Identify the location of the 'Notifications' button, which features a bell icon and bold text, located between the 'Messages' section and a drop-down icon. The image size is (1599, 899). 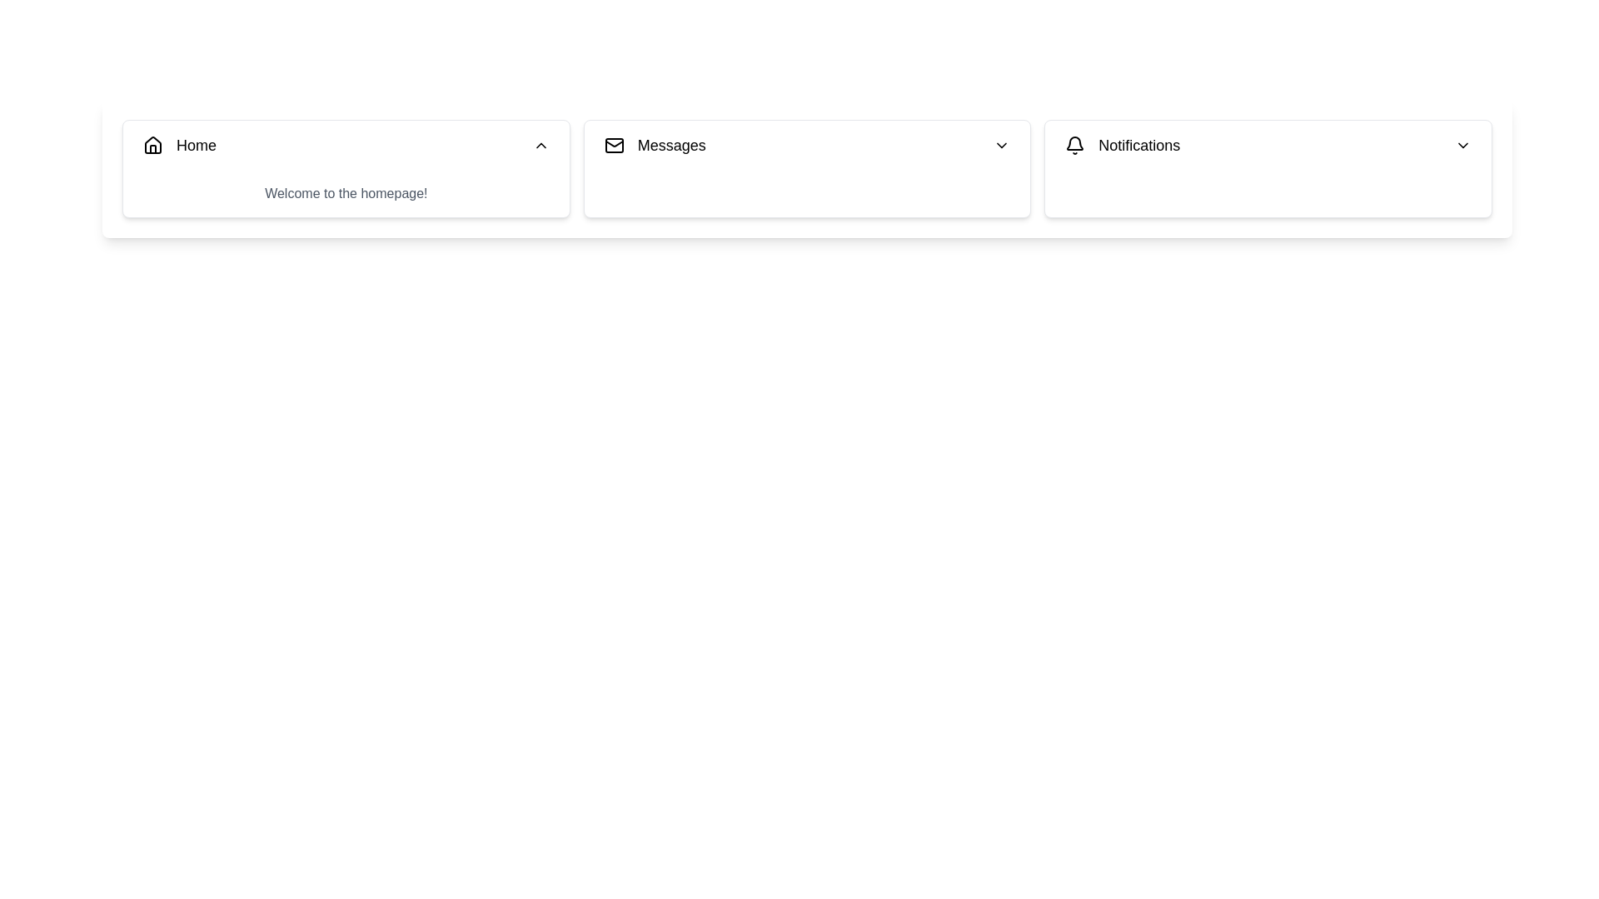
(1123, 144).